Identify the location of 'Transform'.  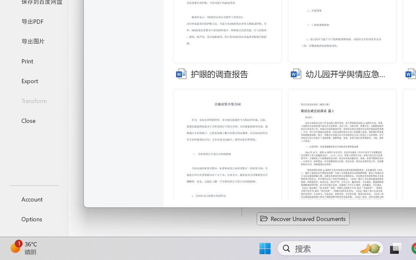
(33, 100).